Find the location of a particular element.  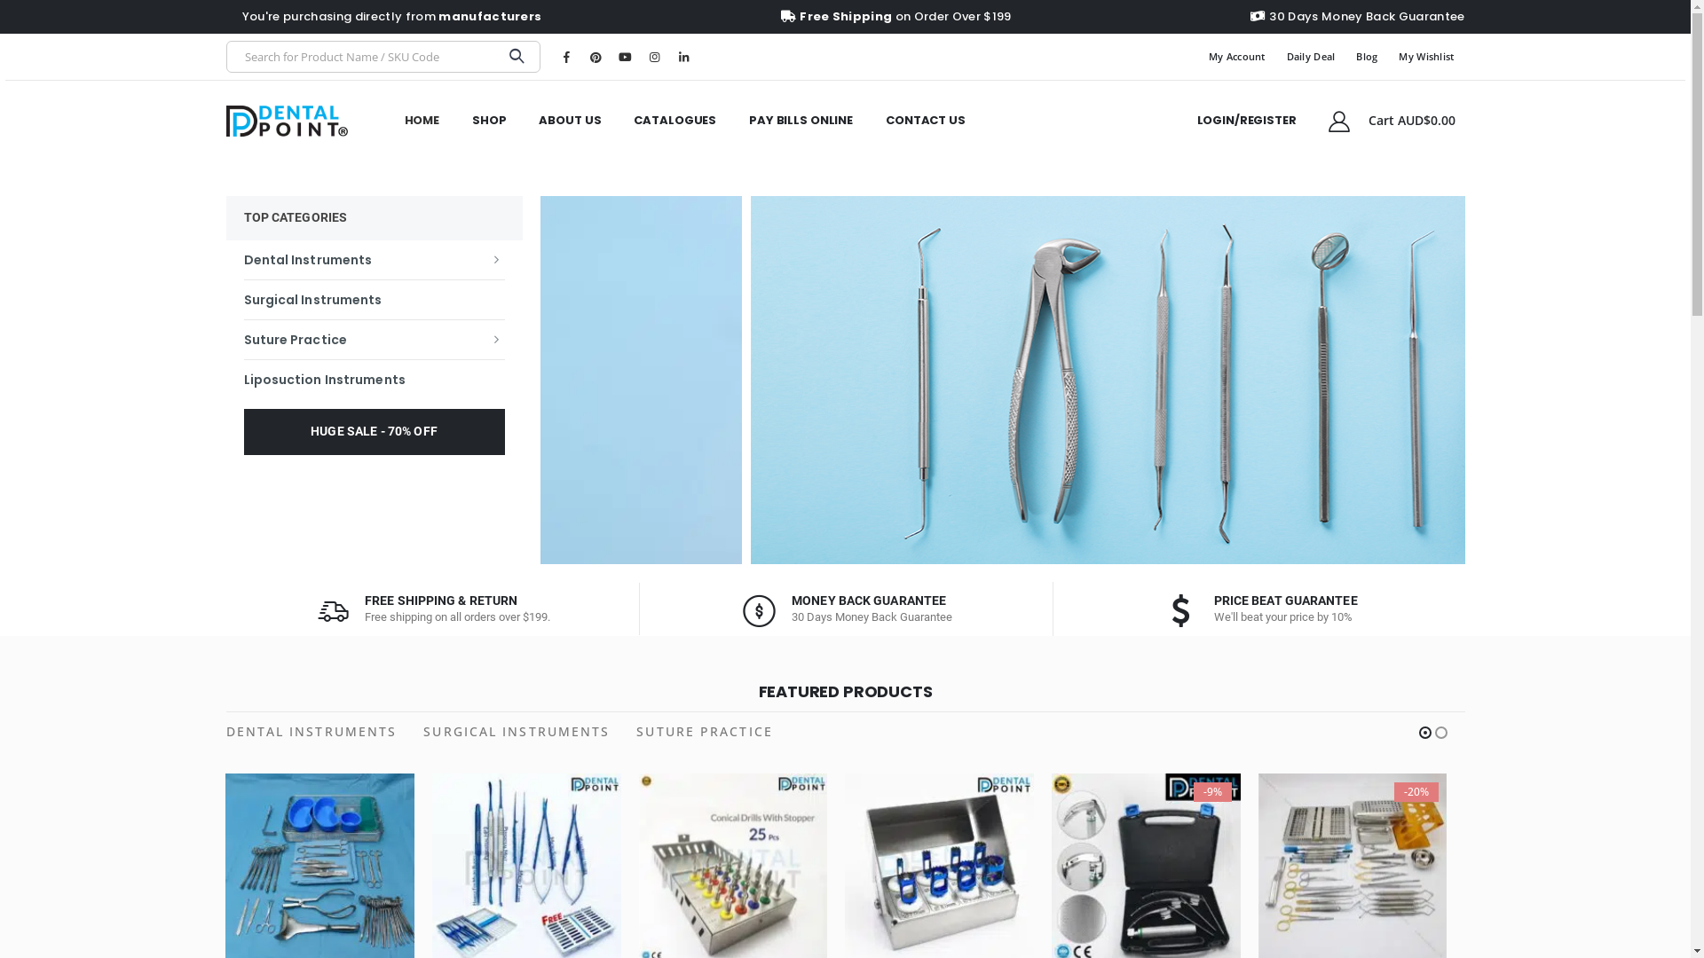

'CONTACT US' is located at coordinates (924, 120).